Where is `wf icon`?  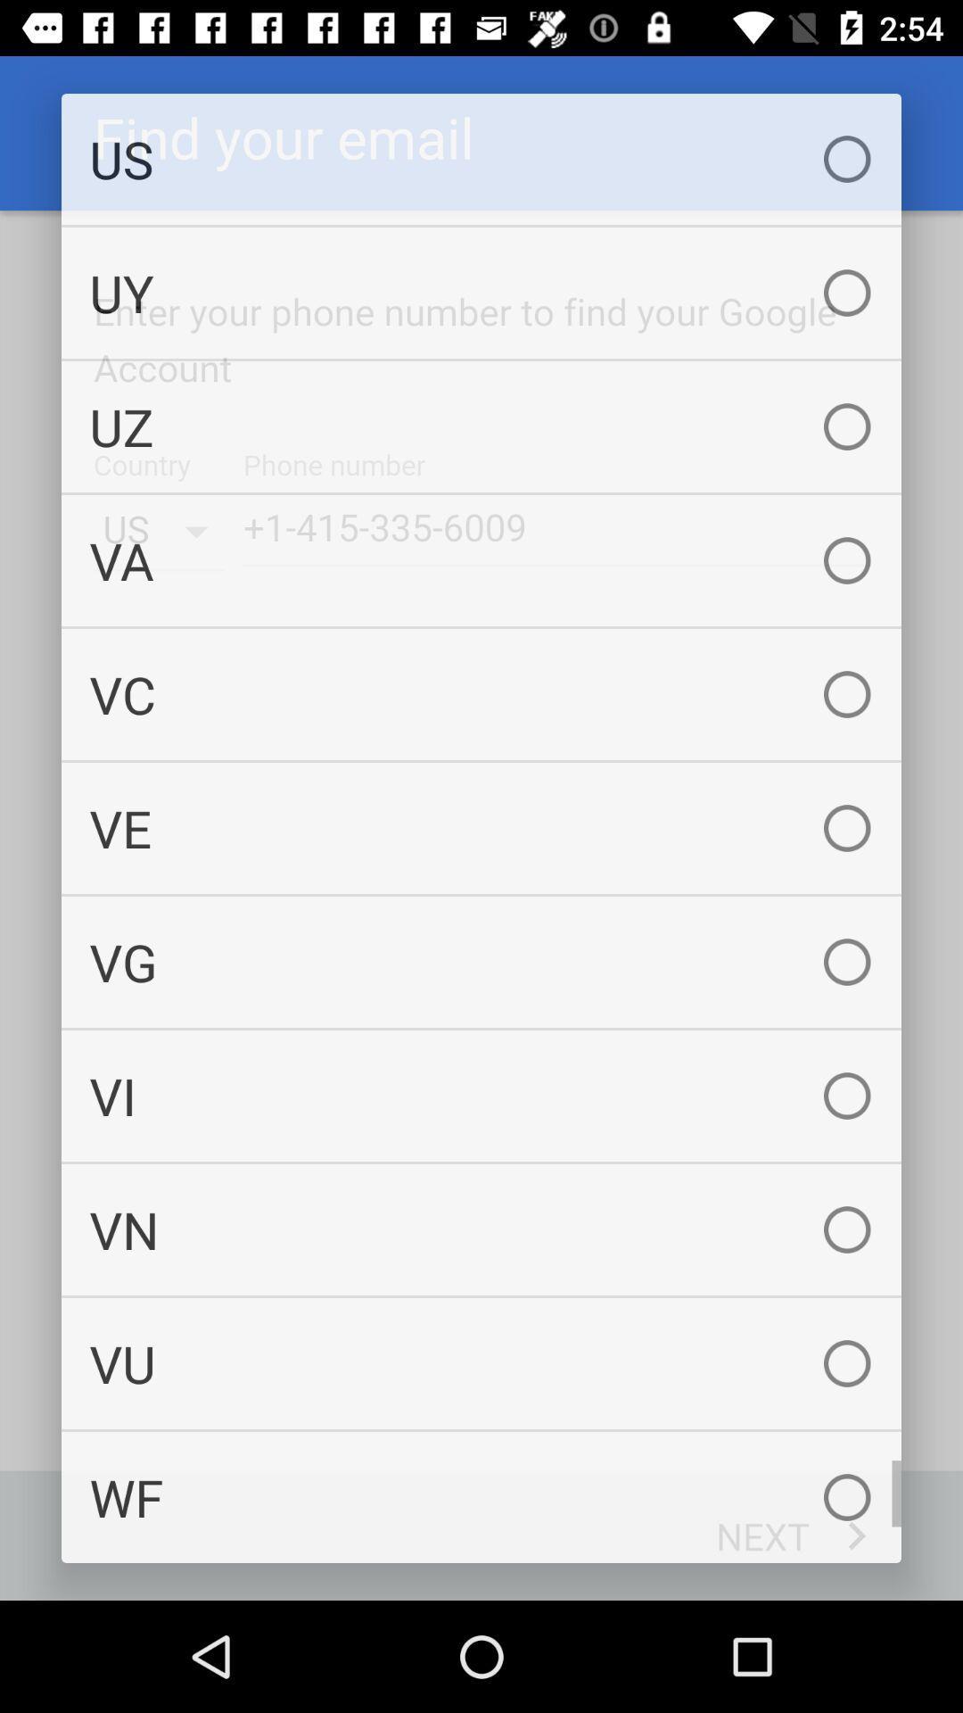
wf icon is located at coordinates (481, 1497).